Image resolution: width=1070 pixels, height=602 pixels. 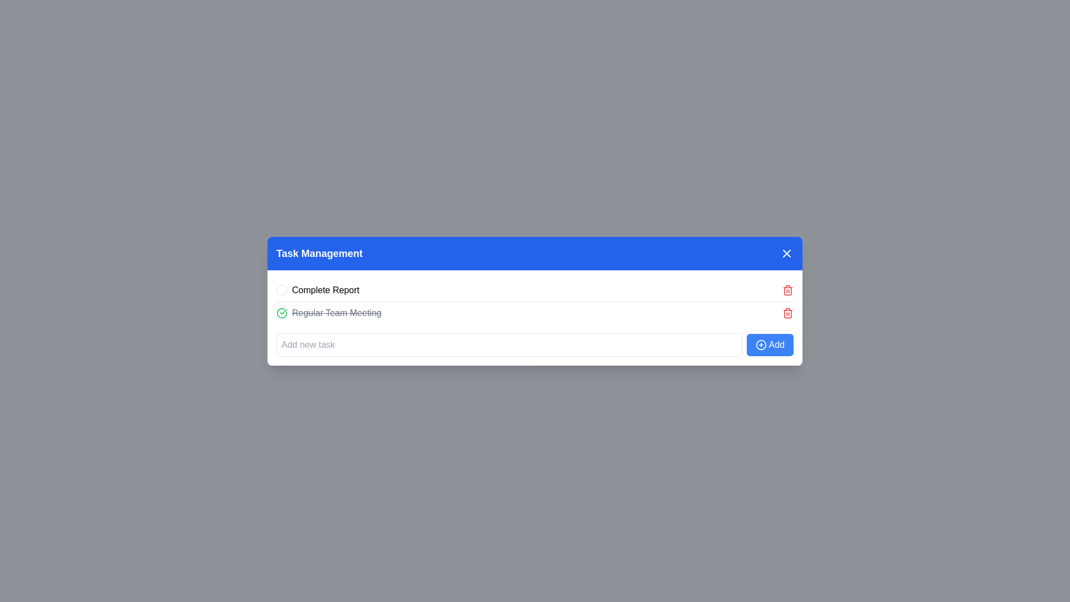 What do you see at coordinates (319, 253) in the screenshot?
I see `the 'Task Management' heading which displays in bold white text on a blue background, located at the top of the panel` at bounding box center [319, 253].